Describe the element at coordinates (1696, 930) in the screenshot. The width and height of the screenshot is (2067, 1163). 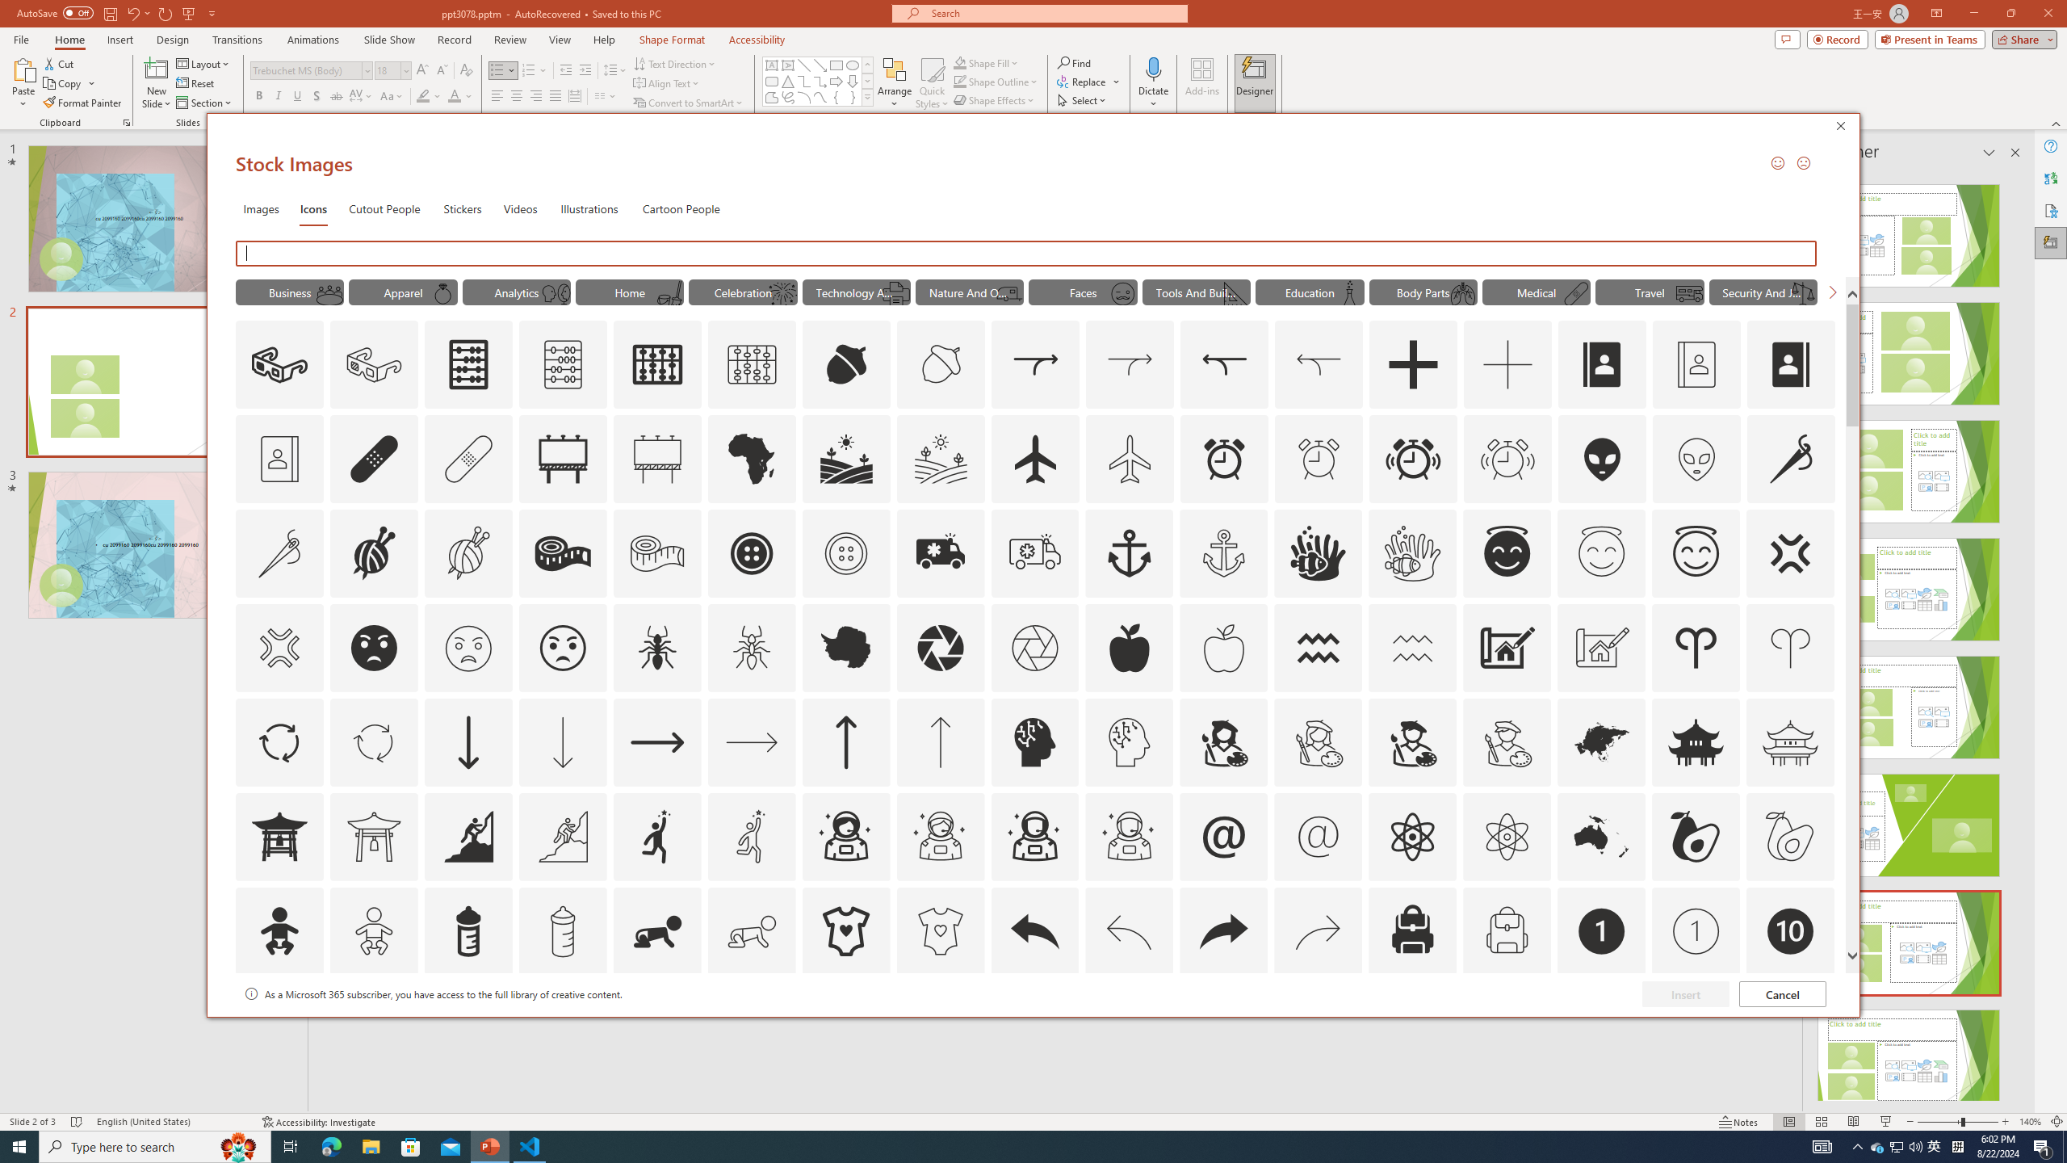
I see `'AutomationID: Icons_Badge1_M'` at that location.